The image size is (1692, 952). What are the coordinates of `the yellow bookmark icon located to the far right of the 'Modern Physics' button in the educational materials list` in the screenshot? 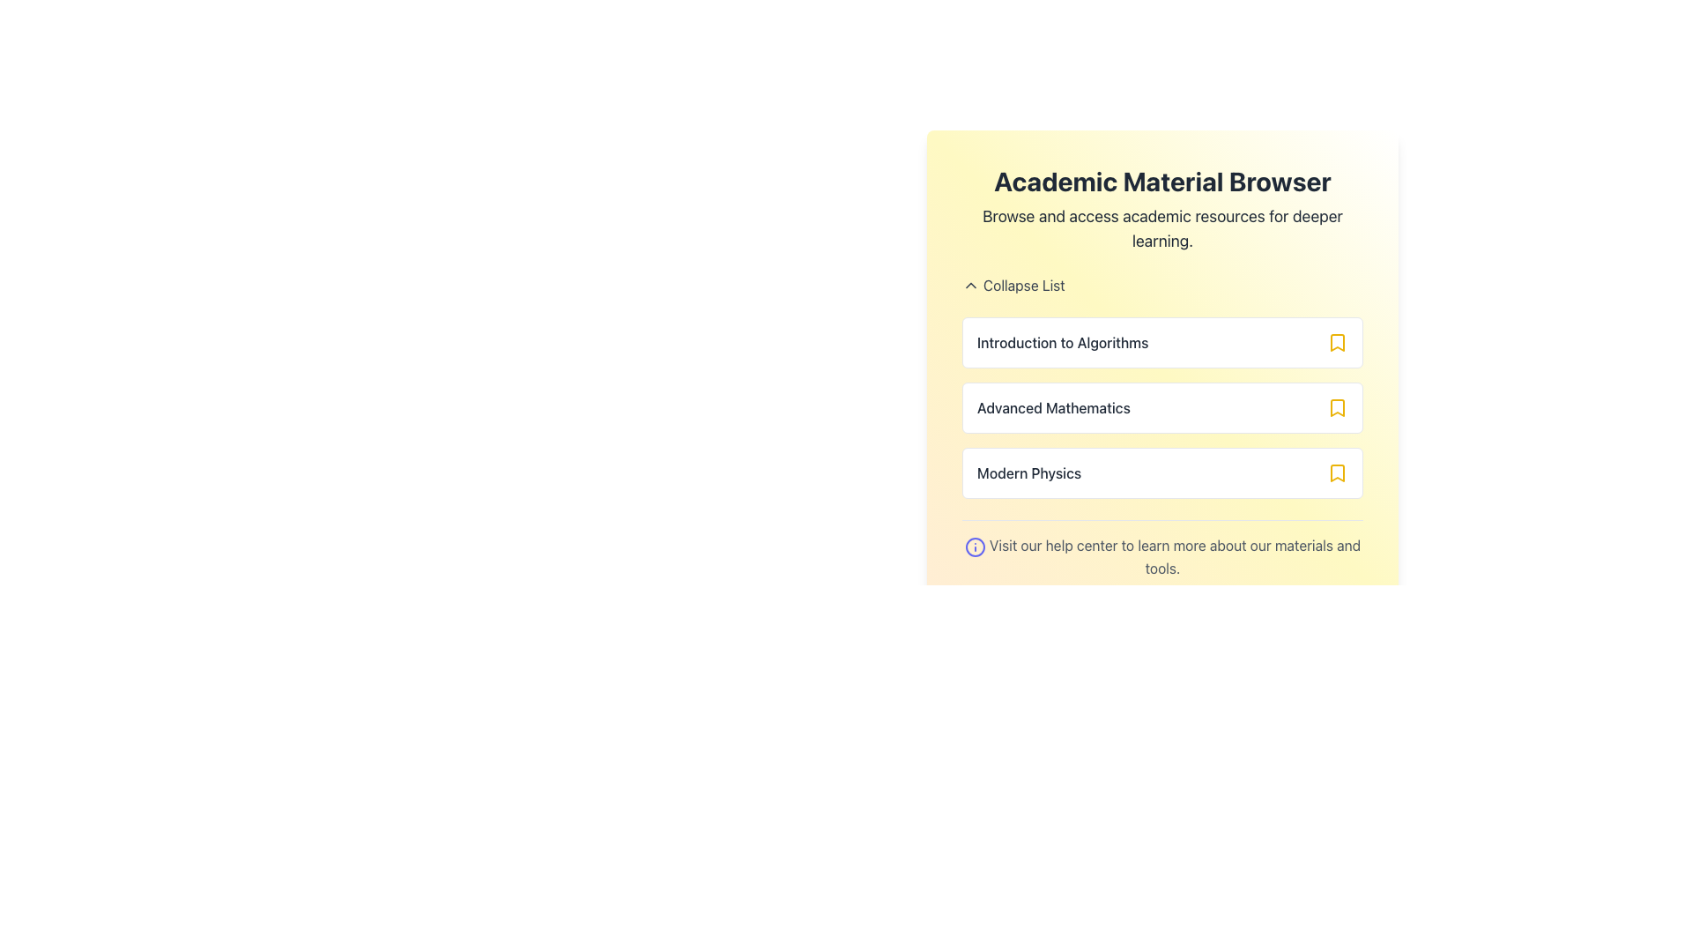 It's located at (1337, 472).